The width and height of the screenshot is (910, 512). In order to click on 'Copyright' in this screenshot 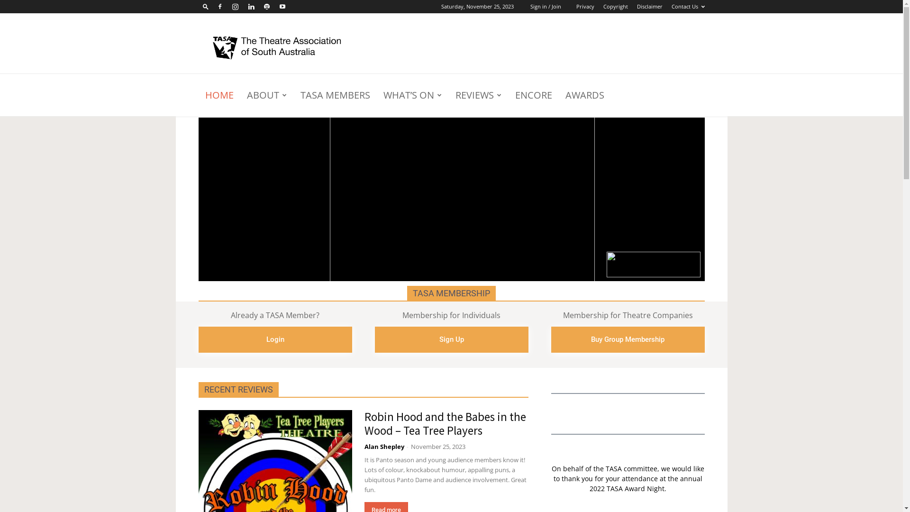, I will do `click(615, 6)`.